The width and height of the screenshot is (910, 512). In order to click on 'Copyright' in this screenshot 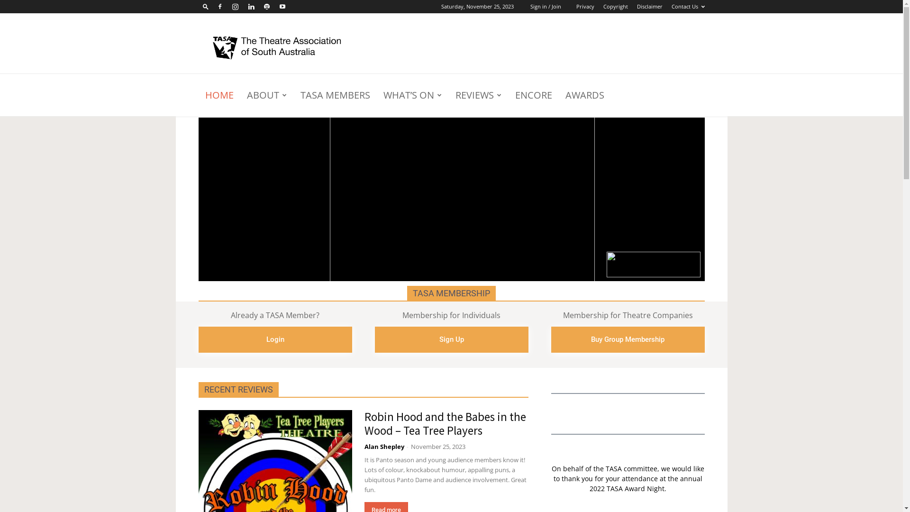, I will do `click(615, 6)`.